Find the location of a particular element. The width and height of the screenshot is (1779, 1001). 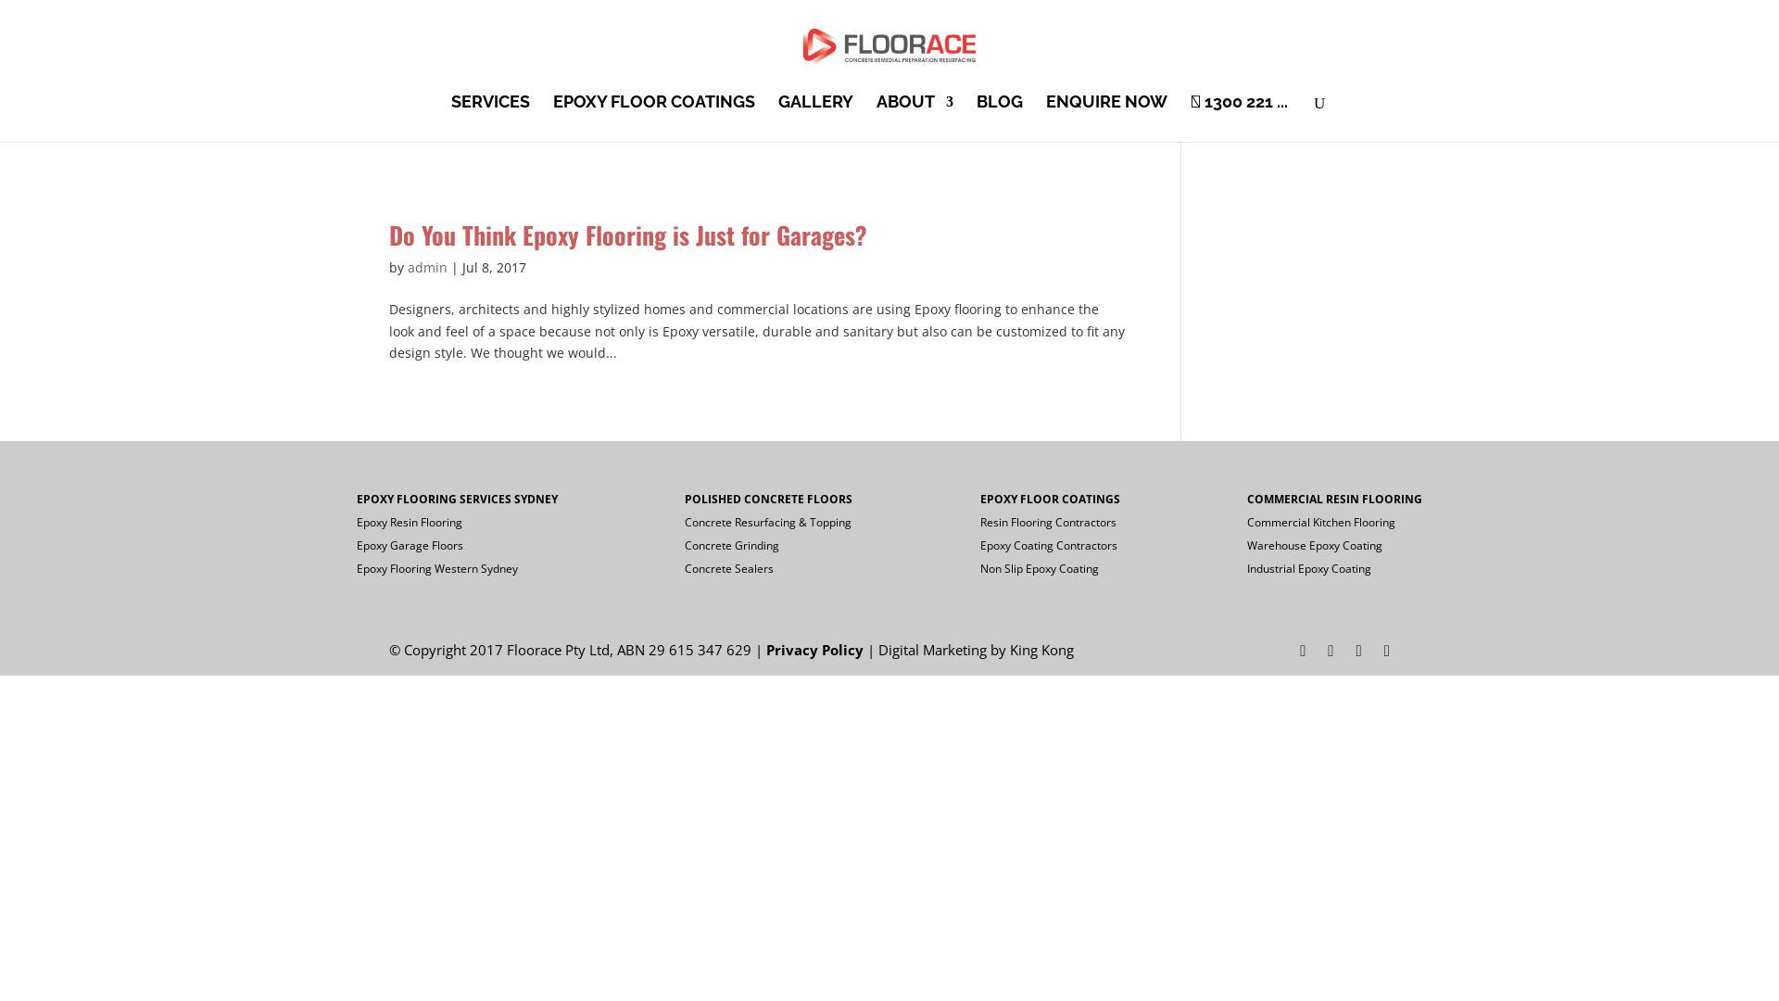

'EPOXY FLOOR COATINGS' is located at coordinates (653, 118).